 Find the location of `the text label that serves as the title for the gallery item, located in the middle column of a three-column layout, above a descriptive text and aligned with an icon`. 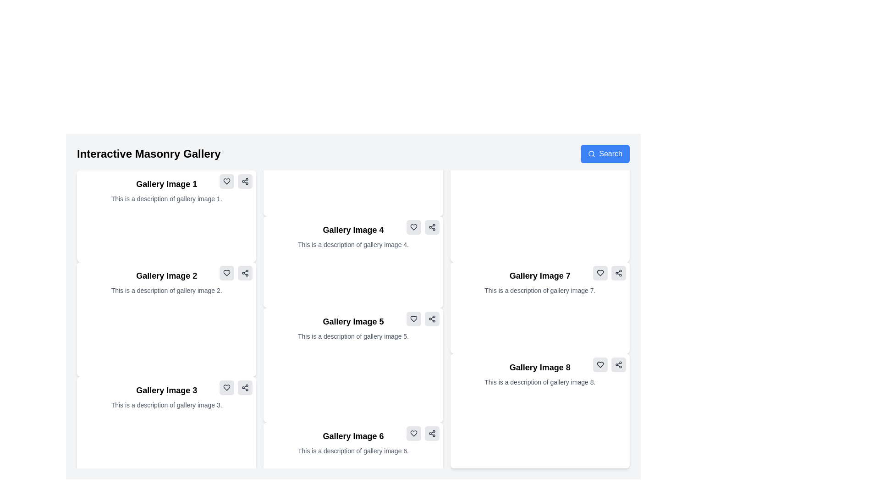

the text label that serves as the title for the gallery item, located in the middle column of a three-column layout, above a descriptive text and aligned with an icon is located at coordinates (353, 229).